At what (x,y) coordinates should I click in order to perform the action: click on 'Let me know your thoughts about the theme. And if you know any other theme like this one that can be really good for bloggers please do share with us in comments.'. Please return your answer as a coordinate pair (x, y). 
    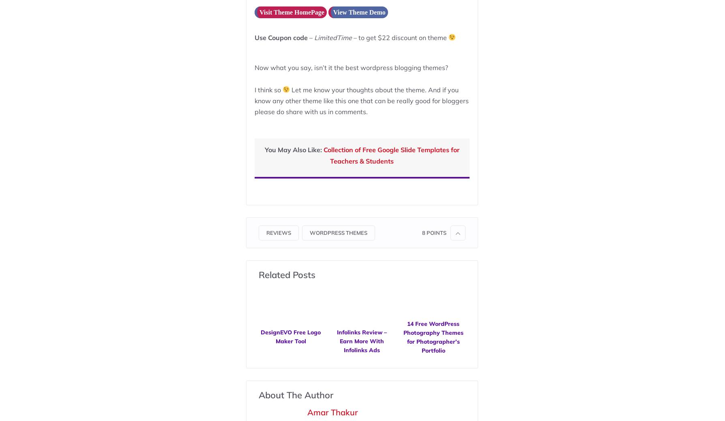
    Looking at the image, I should click on (360, 100).